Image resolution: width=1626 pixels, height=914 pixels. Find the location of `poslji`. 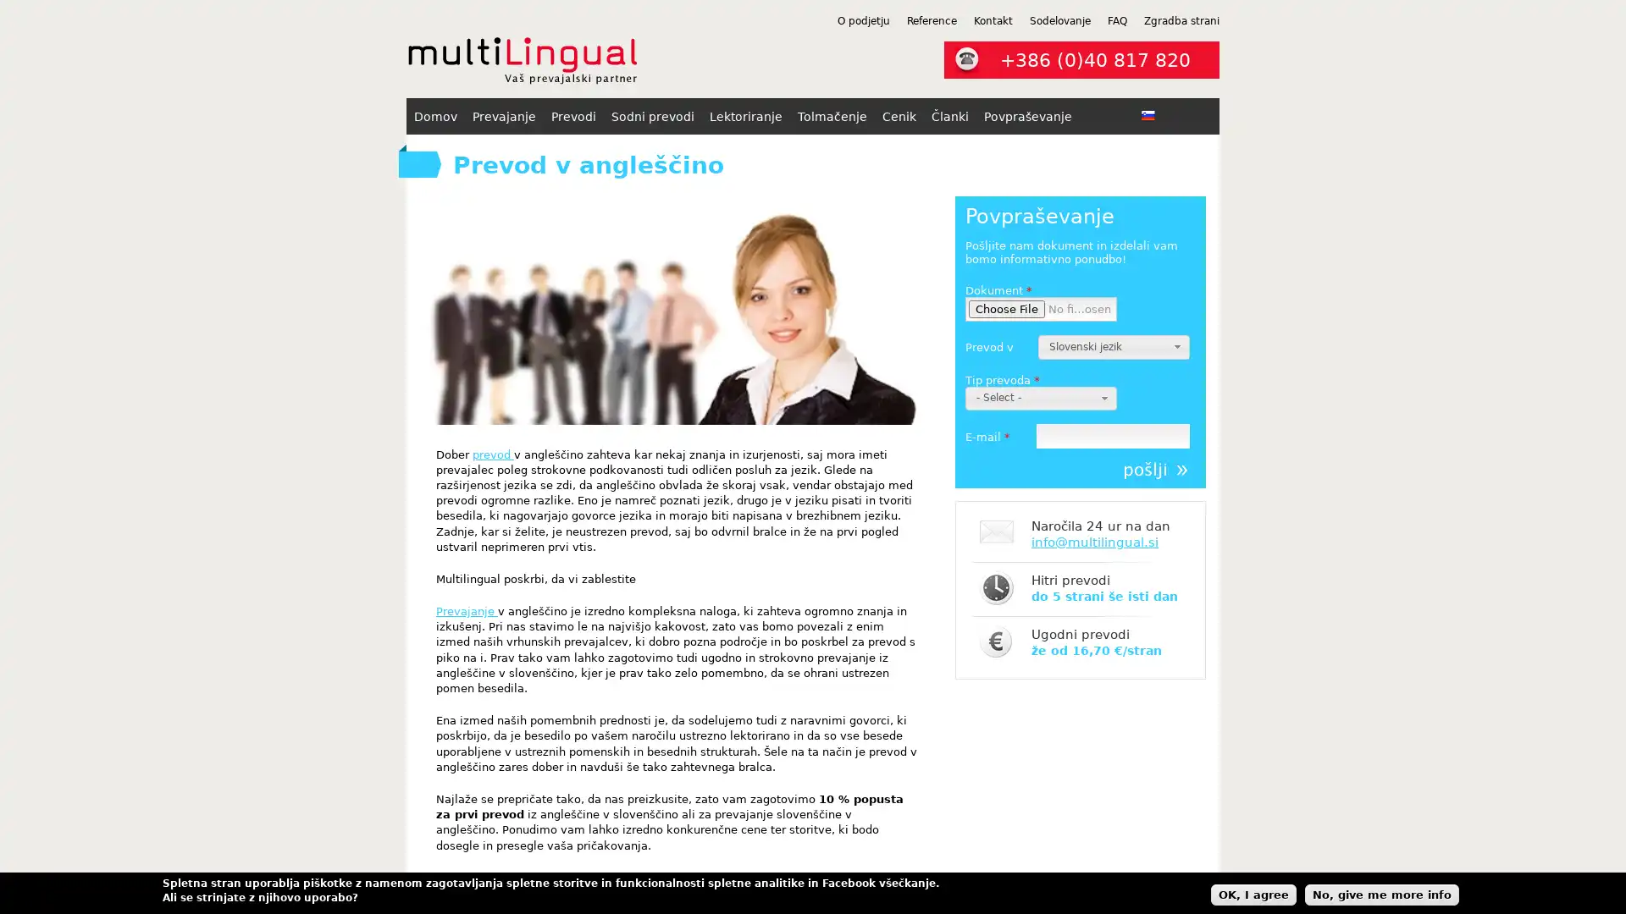

poslji is located at coordinates (1154, 470).